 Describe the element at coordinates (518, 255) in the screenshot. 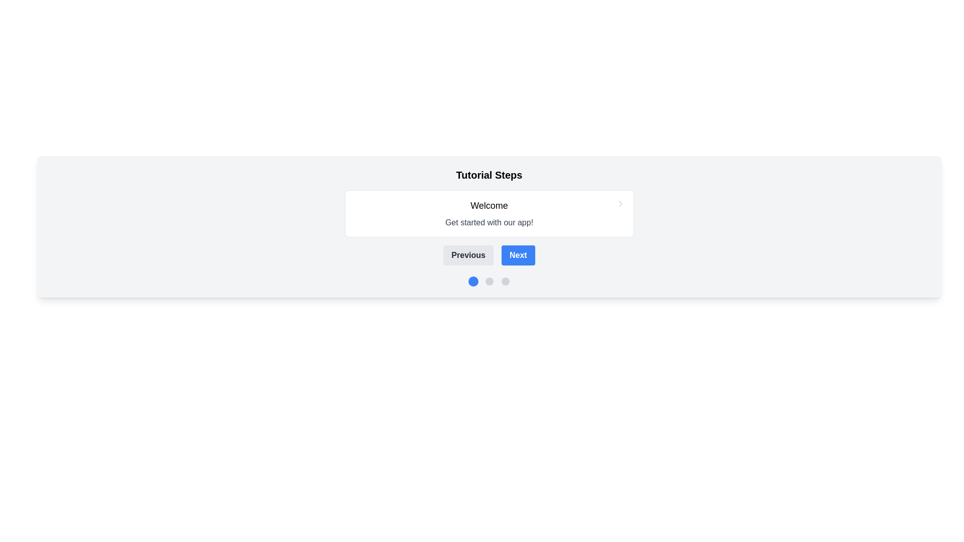

I see `the 'Next' button, which is a rectangular button with rounded corners, blue background, and white bold text` at that location.